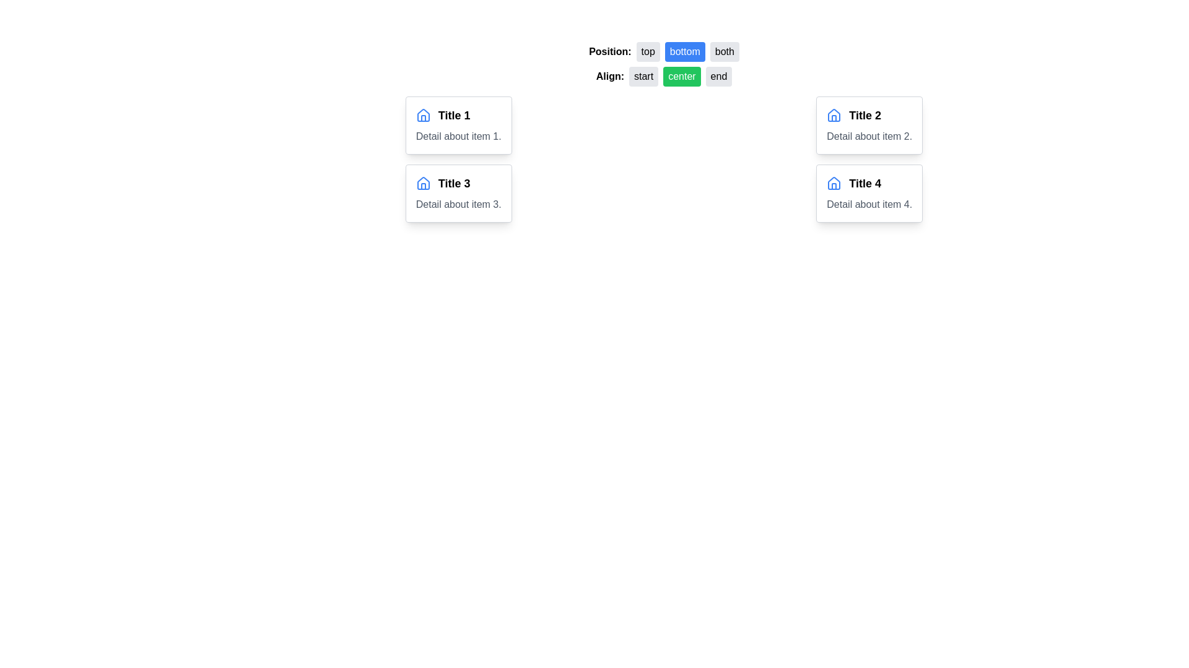  Describe the element at coordinates (643, 76) in the screenshot. I see `the 'start' alignment button located in the 'Align:' section` at that location.